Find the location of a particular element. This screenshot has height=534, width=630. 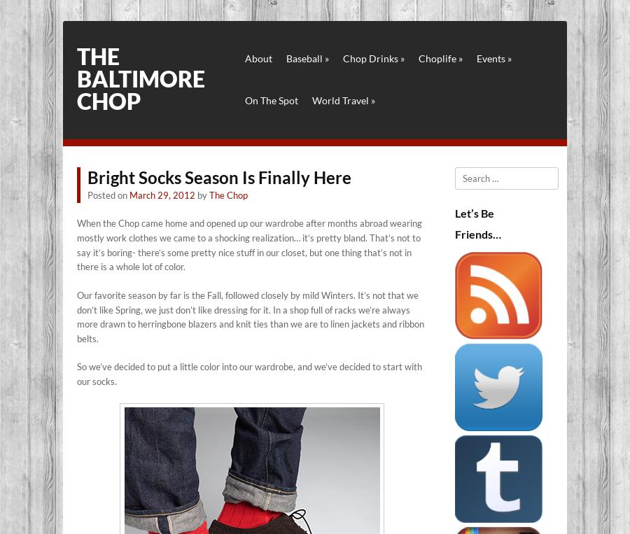

'The Chop' is located at coordinates (227, 195).